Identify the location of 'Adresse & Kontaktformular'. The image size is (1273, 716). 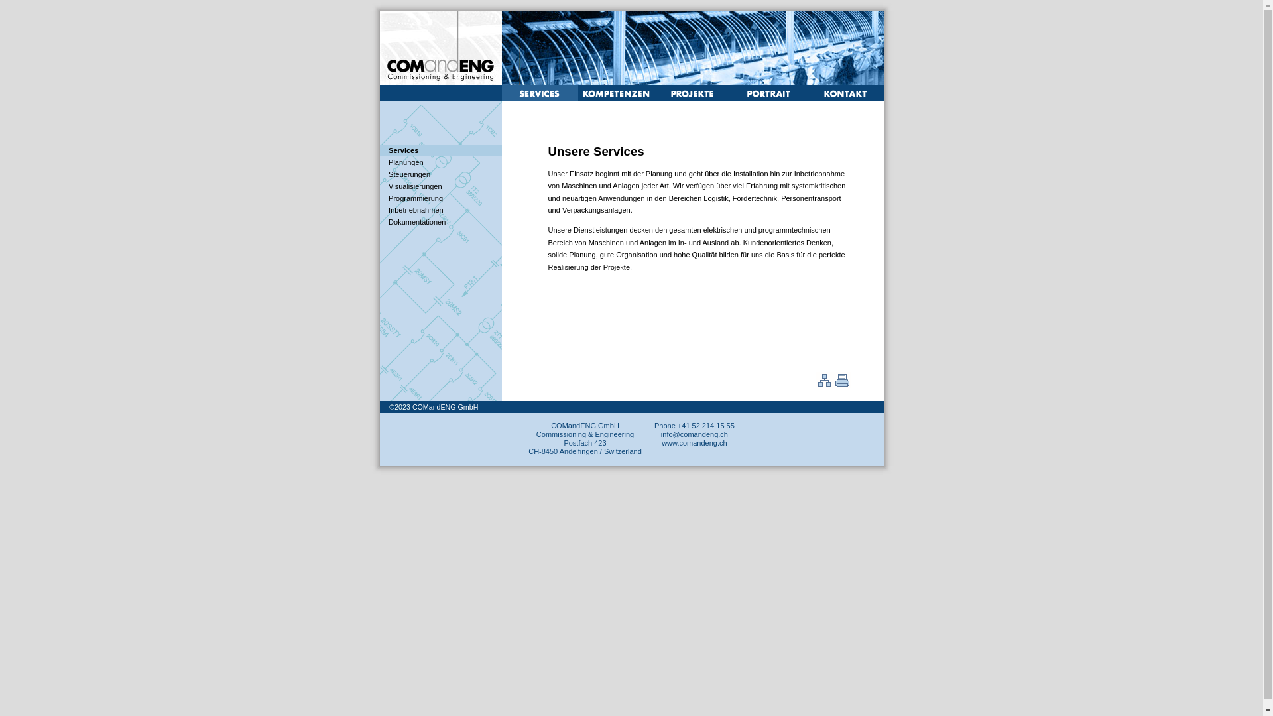
(843, 97).